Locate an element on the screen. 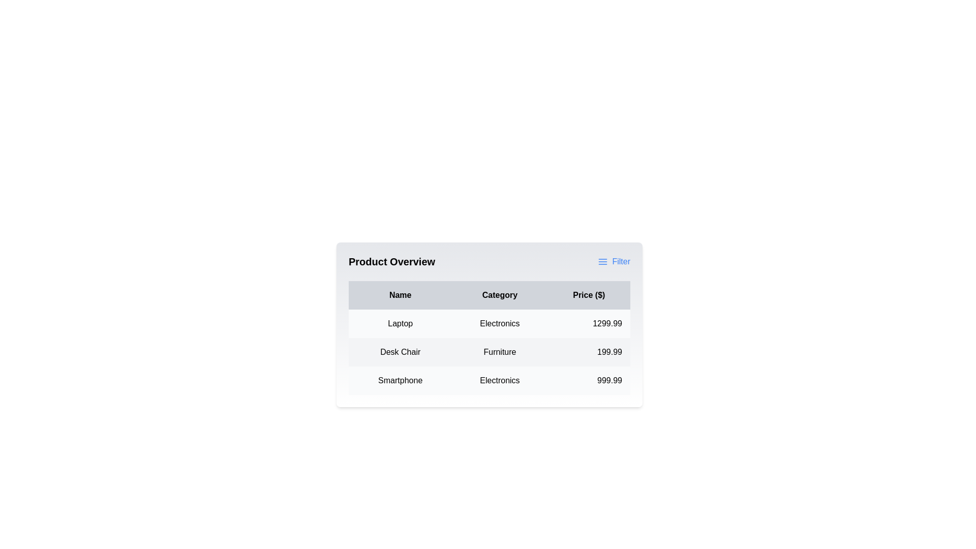 This screenshot has width=976, height=549. the third row of the 'Product Overview' table is located at coordinates (490, 380).